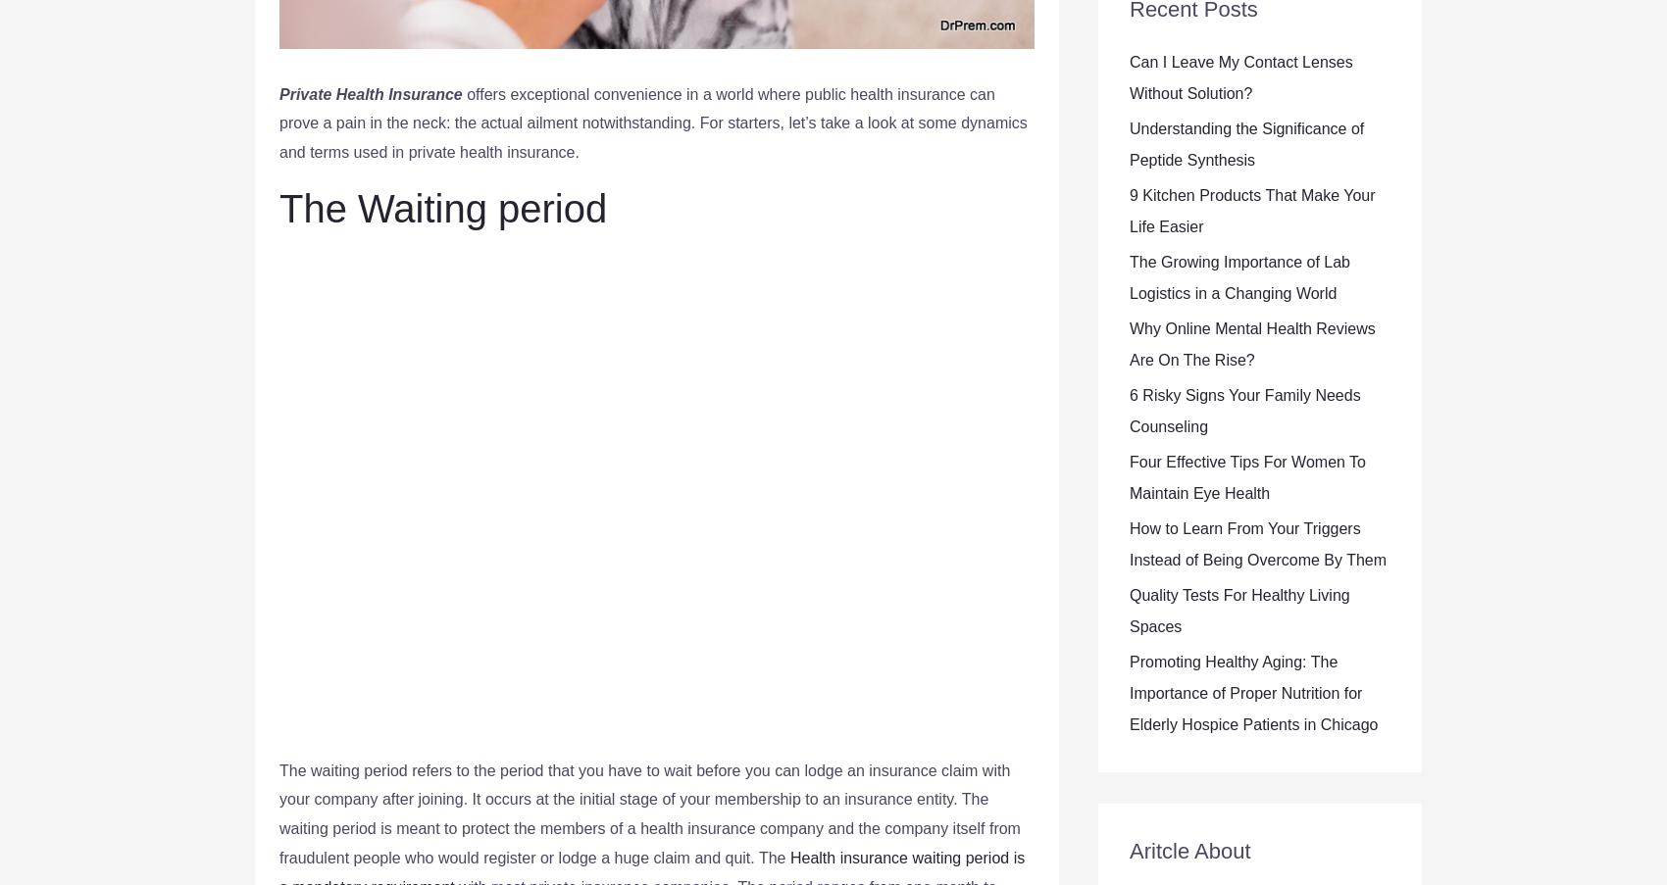 The image size is (1667, 885). Describe the element at coordinates (1253, 692) in the screenshot. I see `'Promoting Healthy Aging: The Importance of Proper Nutrition for Elderly Hospice Patients in Chicago'` at that location.